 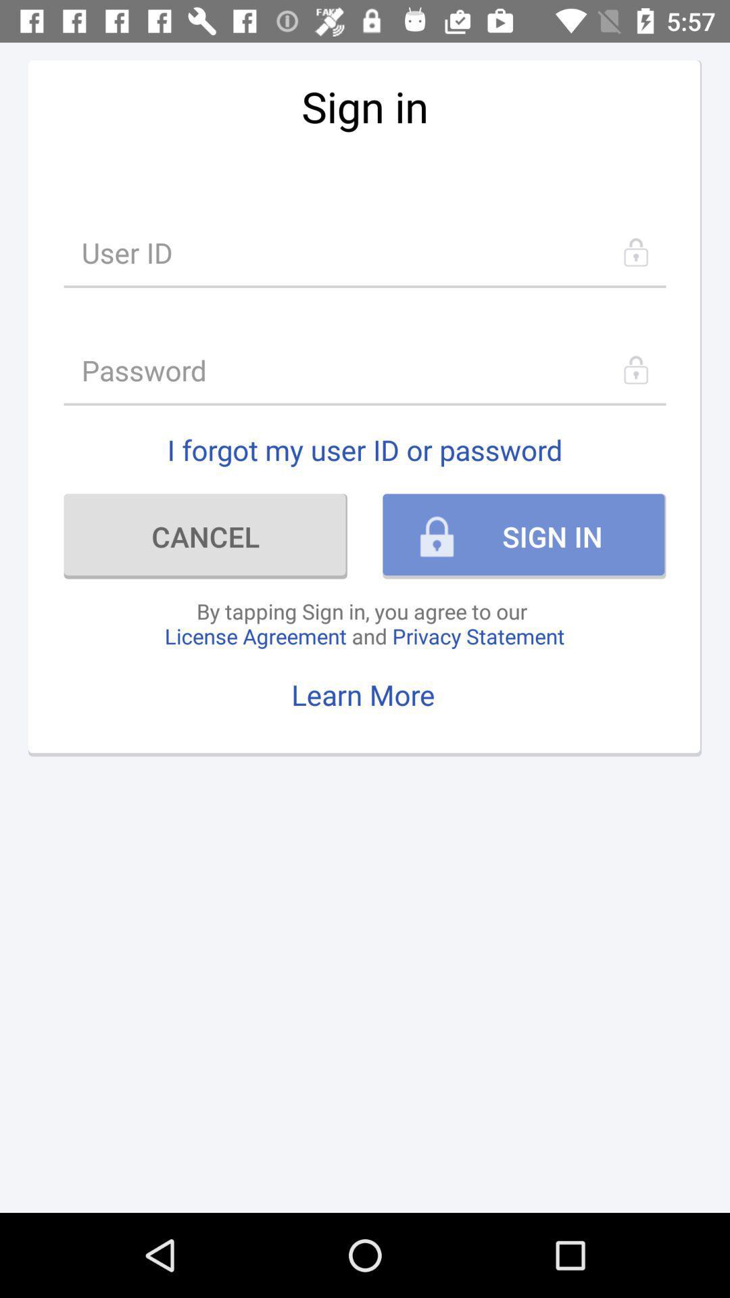 What do you see at coordinates (205, 535) in the screenshot?
I see `the icon below i forgot my item` at bounding box center [205, 535].